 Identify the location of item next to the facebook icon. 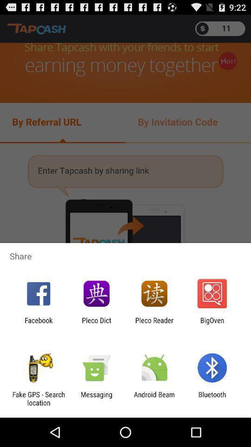
(96, 324).